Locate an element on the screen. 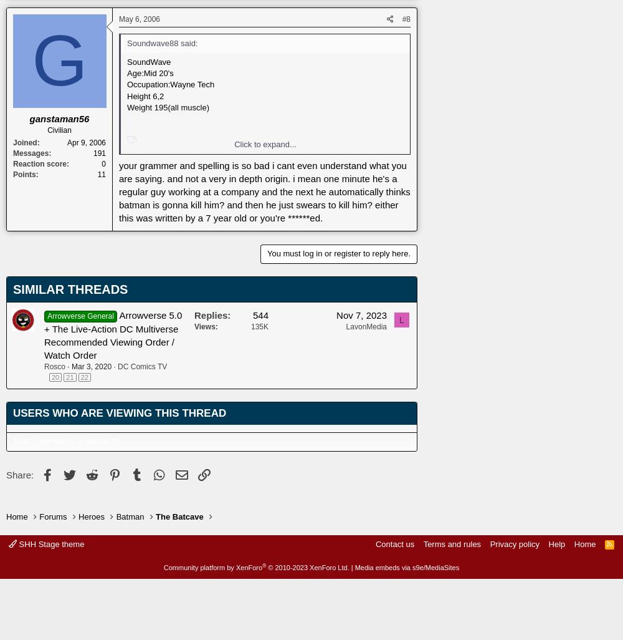 The width and height of the screenshot is (623, 640). 'Share:' is located at coordinates (20, 474).